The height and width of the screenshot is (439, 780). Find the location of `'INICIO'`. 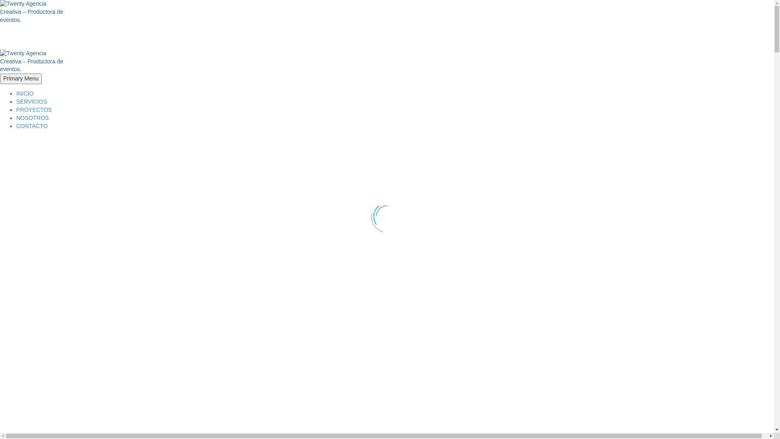

'INICIO' is located at coordinates (16, 93).